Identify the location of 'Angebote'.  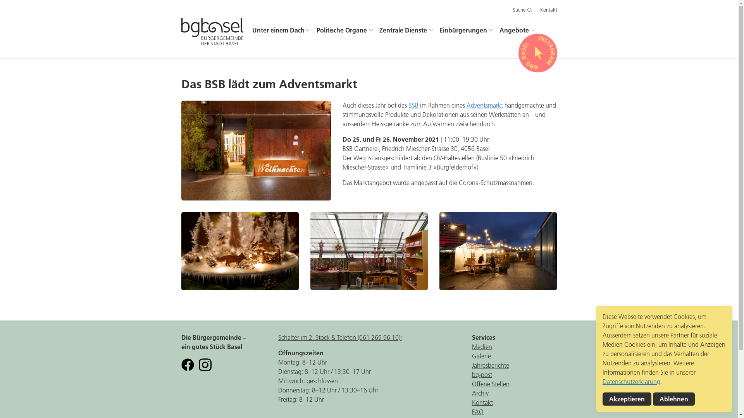
(517, 30).